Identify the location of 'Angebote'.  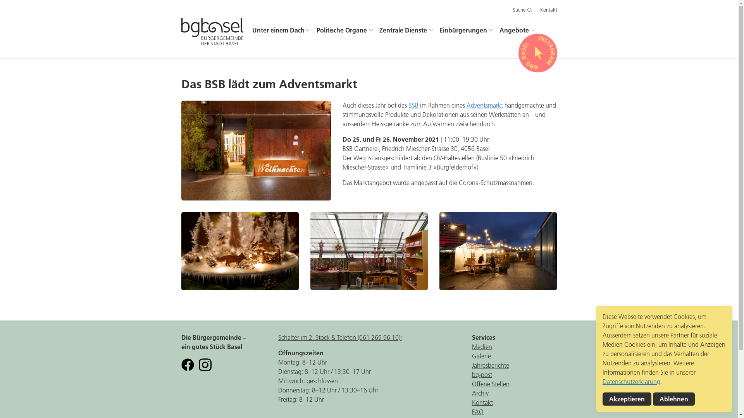
(517, 30).